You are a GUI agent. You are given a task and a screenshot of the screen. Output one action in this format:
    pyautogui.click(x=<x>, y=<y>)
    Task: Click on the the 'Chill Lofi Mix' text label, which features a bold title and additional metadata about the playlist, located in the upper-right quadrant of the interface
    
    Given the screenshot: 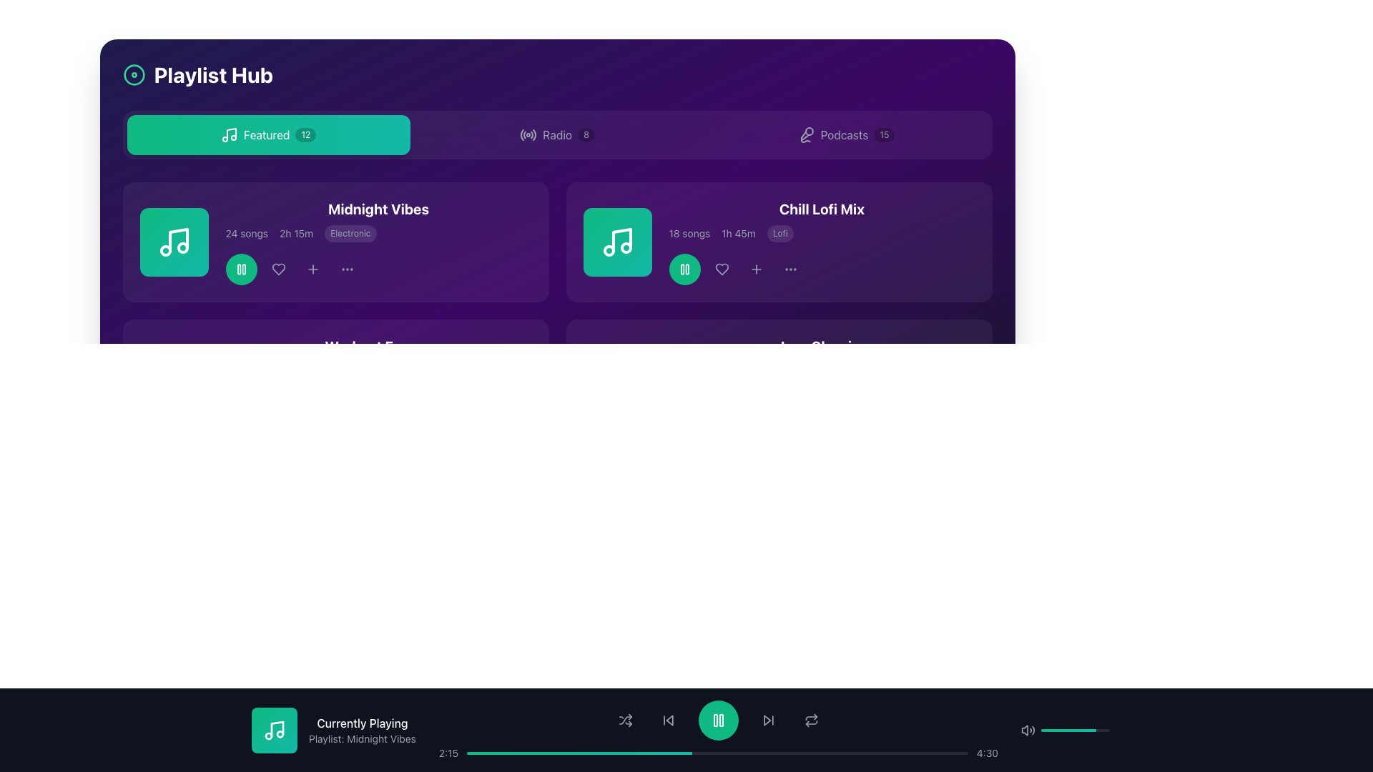 What is the action you would take?
    pyautogui.click(x=778, y=242)
    